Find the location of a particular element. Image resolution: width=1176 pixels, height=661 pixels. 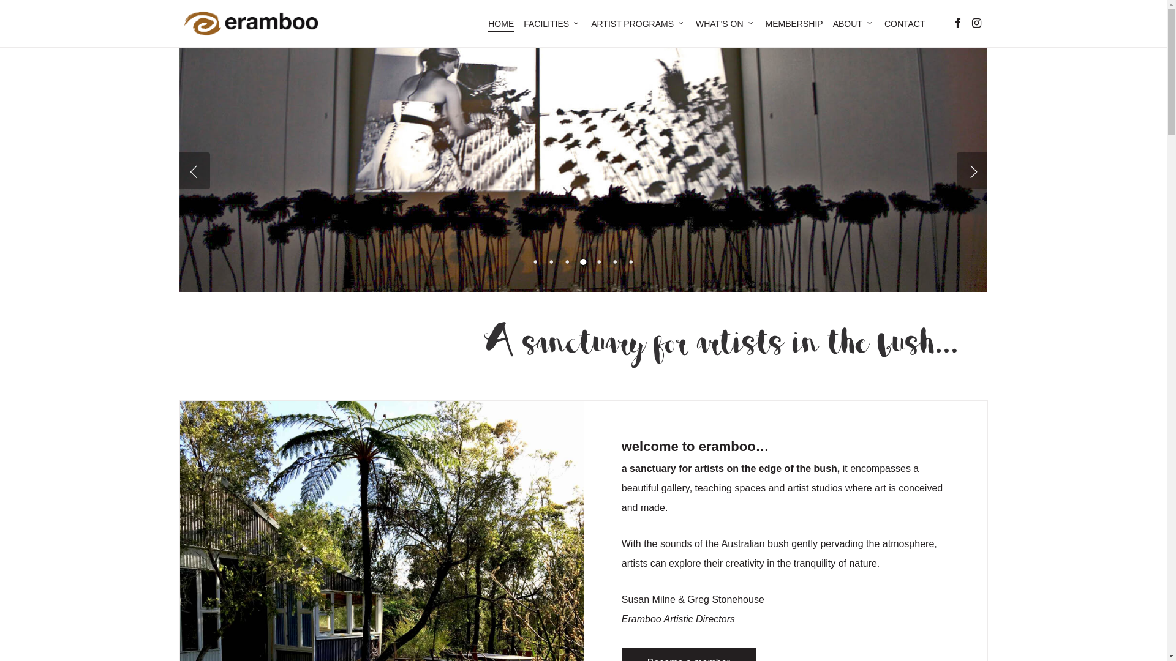

'CONTACT' is located at coordinates (905, 23).